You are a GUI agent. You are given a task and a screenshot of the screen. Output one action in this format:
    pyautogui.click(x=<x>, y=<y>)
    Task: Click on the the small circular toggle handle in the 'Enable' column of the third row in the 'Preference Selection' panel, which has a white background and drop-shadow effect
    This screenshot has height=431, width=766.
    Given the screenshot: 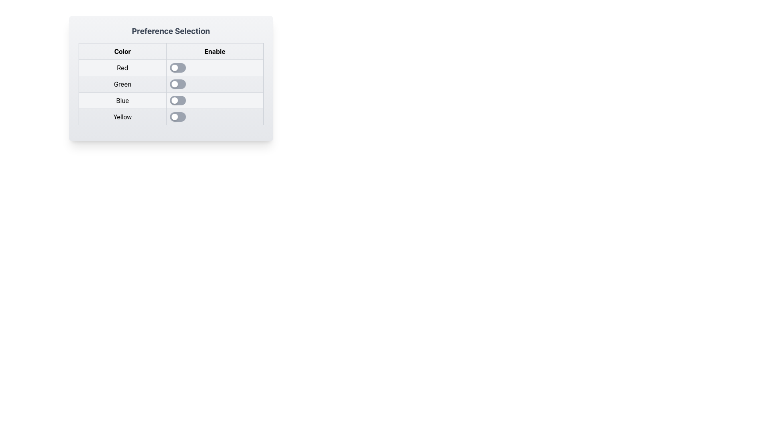 What is the action you would take?
    pyautogui.click(x=174, y=100)
    